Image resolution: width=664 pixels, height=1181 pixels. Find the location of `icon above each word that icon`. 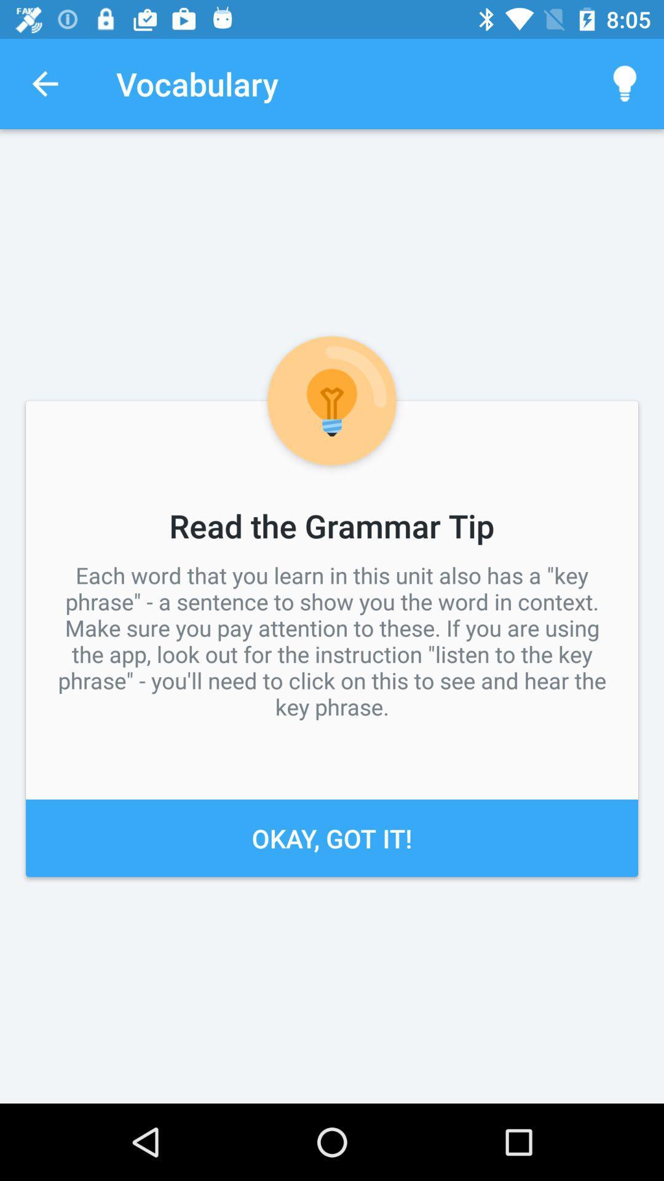

icon above each word that icon is located at coordinates (44, 83).